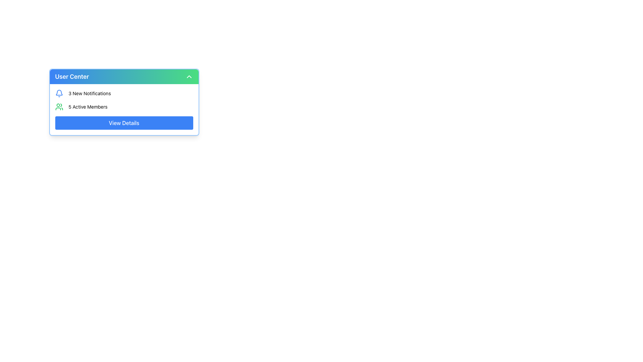 This screenshot has width=643, height=362. Describe the element at coordinates (89, 93) in the screenshot. I see `the text label displaying '3 New Notifications' located in the 'User Center' section, positioned to the right of the notification icon` at that location.